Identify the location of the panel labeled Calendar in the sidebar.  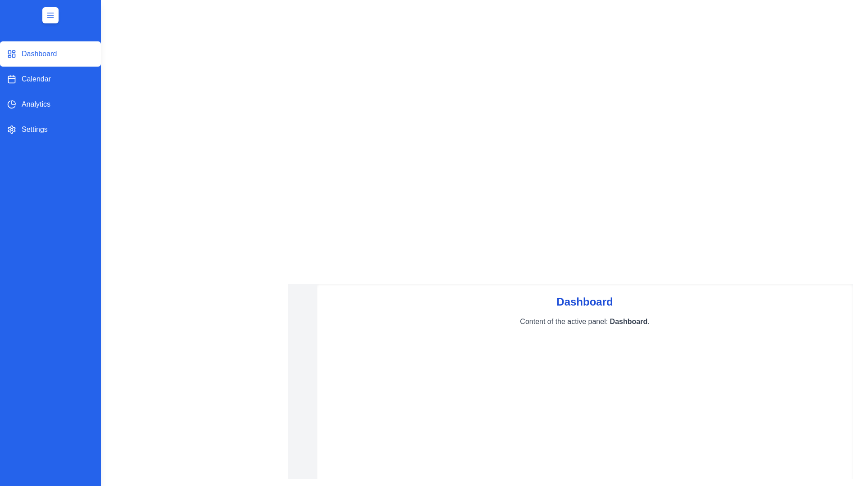
(50, 79).